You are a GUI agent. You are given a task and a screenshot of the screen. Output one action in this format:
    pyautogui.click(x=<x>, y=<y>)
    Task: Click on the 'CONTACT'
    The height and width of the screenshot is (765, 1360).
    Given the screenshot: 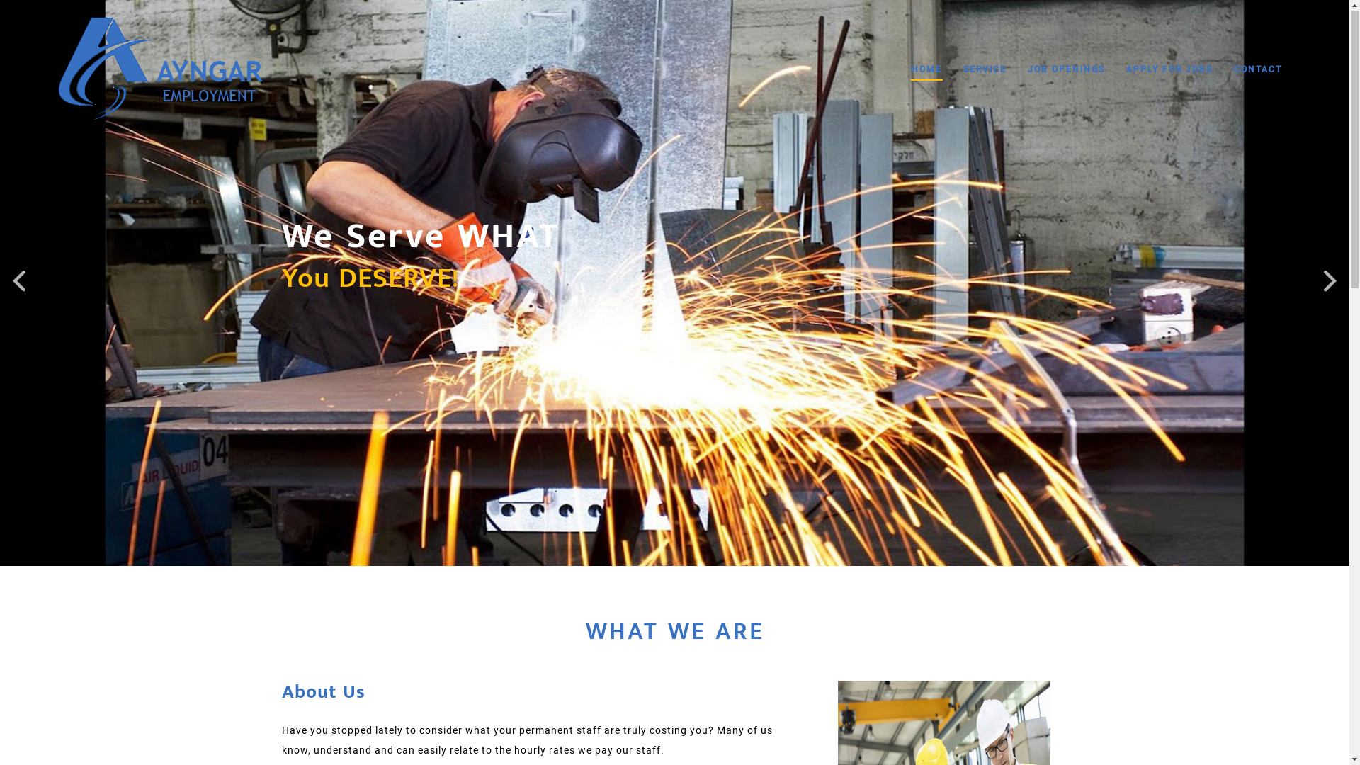 What is the action you would take?
    pyautogui.click(x=1258, y=70)
    